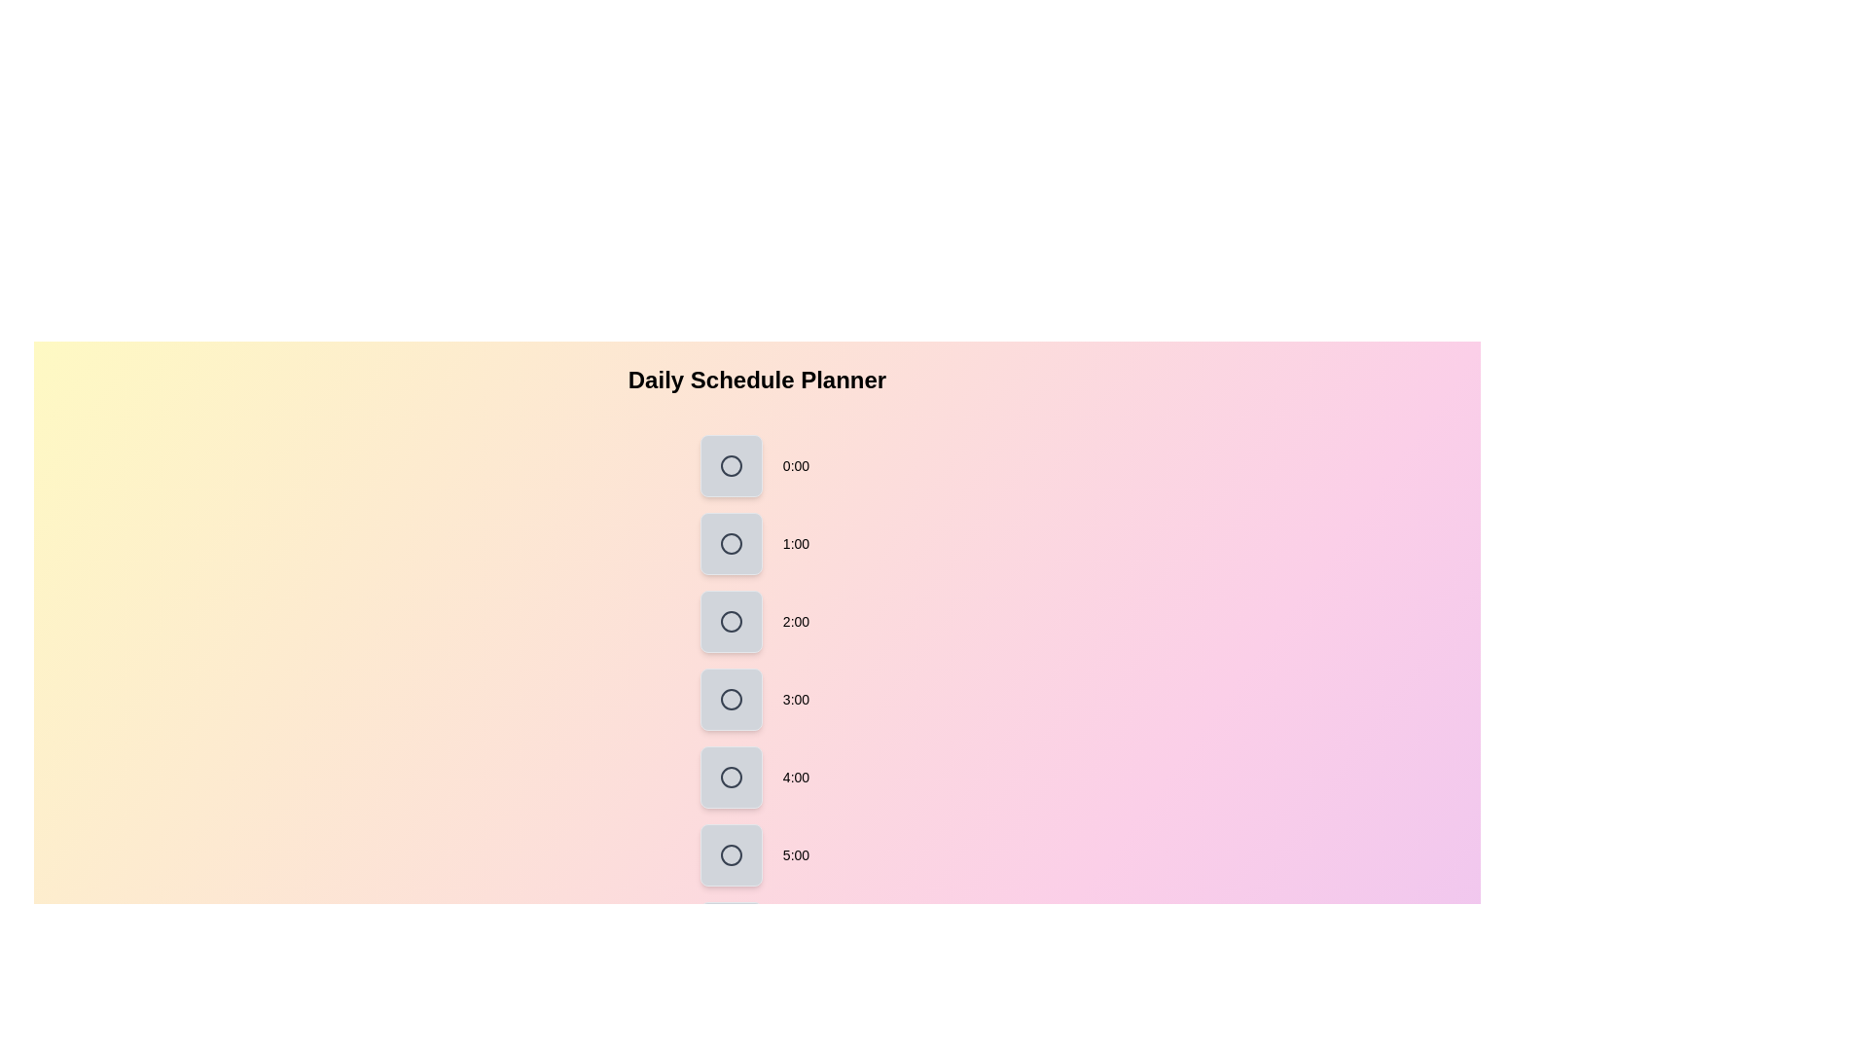  I want to click on the hour block corresponding to 0:00, so click(731, 465).